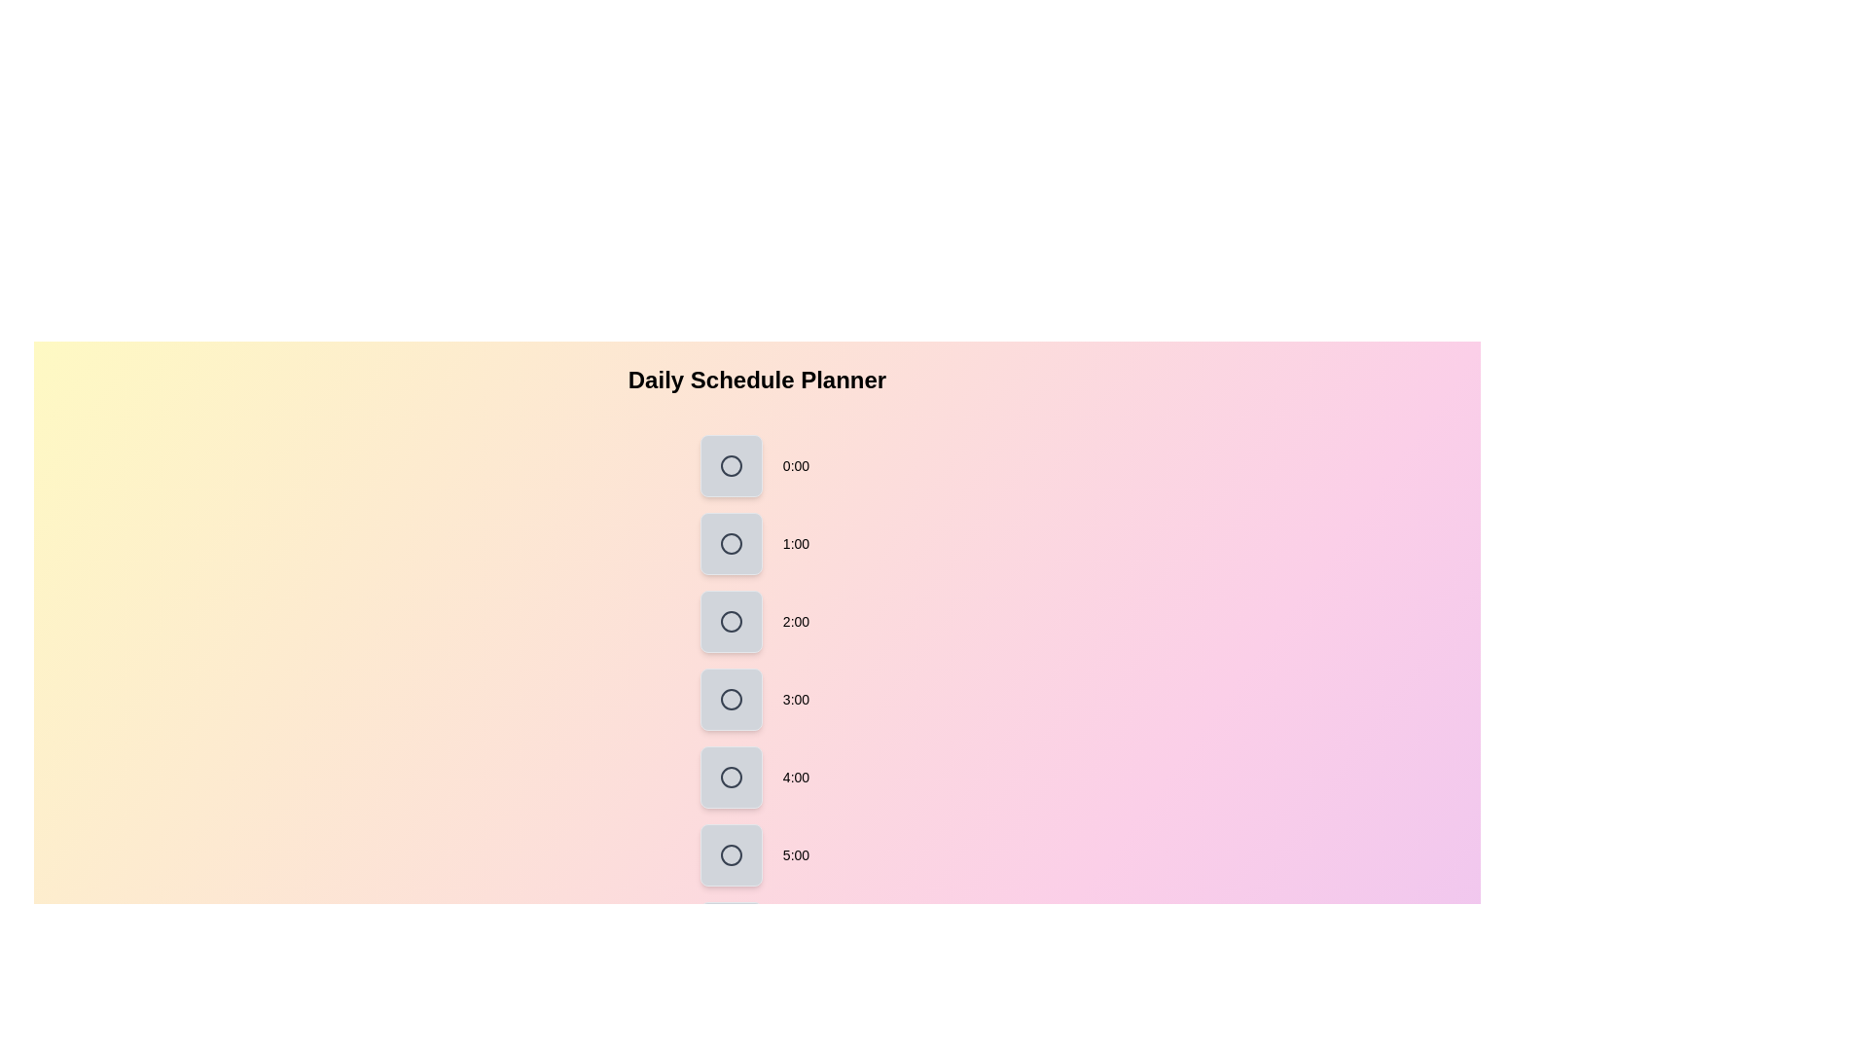  I want to click on the hour block corresponding to 0:00, so click(731, 465).